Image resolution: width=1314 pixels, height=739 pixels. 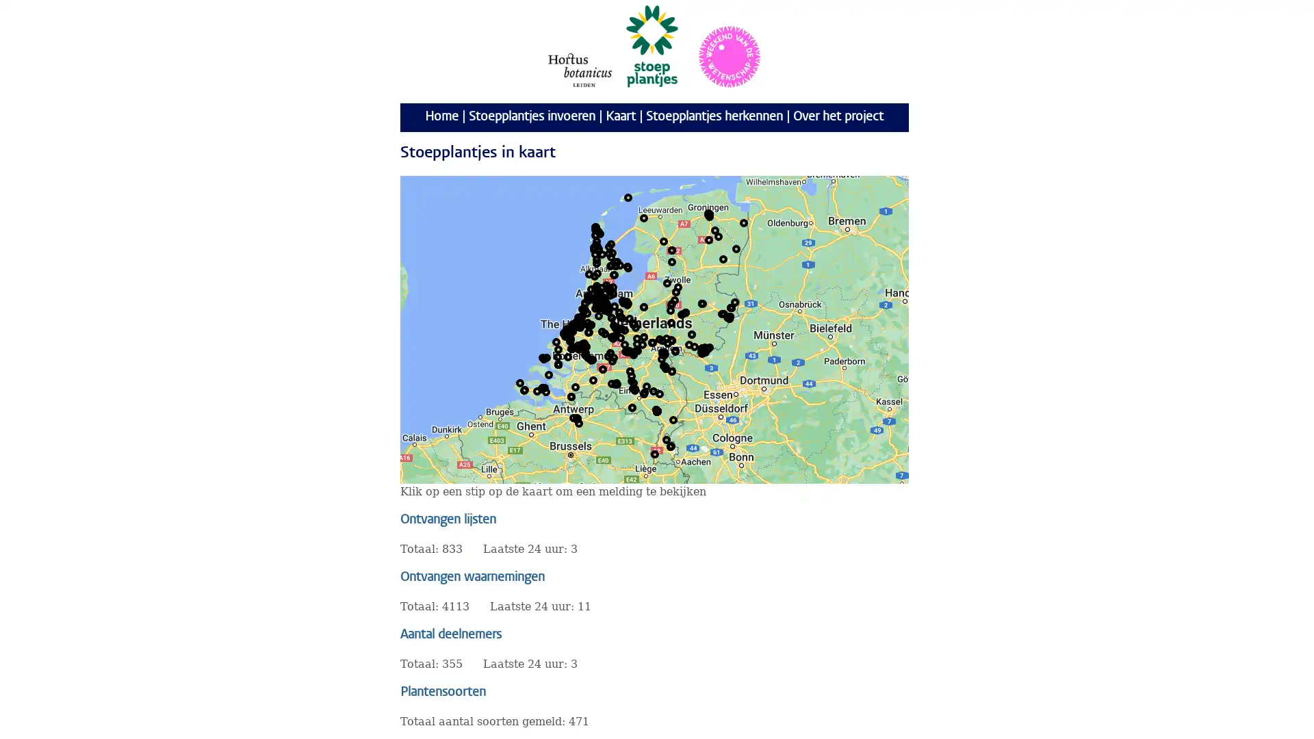 I want to click on Telling van Ton Frenken op 03 mei 2022, so click(x=657, y=411).